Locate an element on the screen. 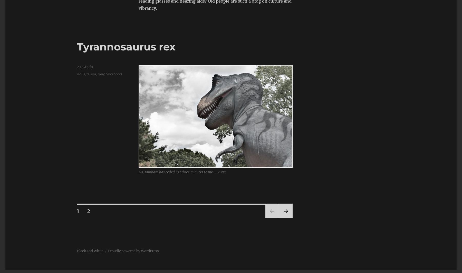  '1' is located at coordinates (78, 211).